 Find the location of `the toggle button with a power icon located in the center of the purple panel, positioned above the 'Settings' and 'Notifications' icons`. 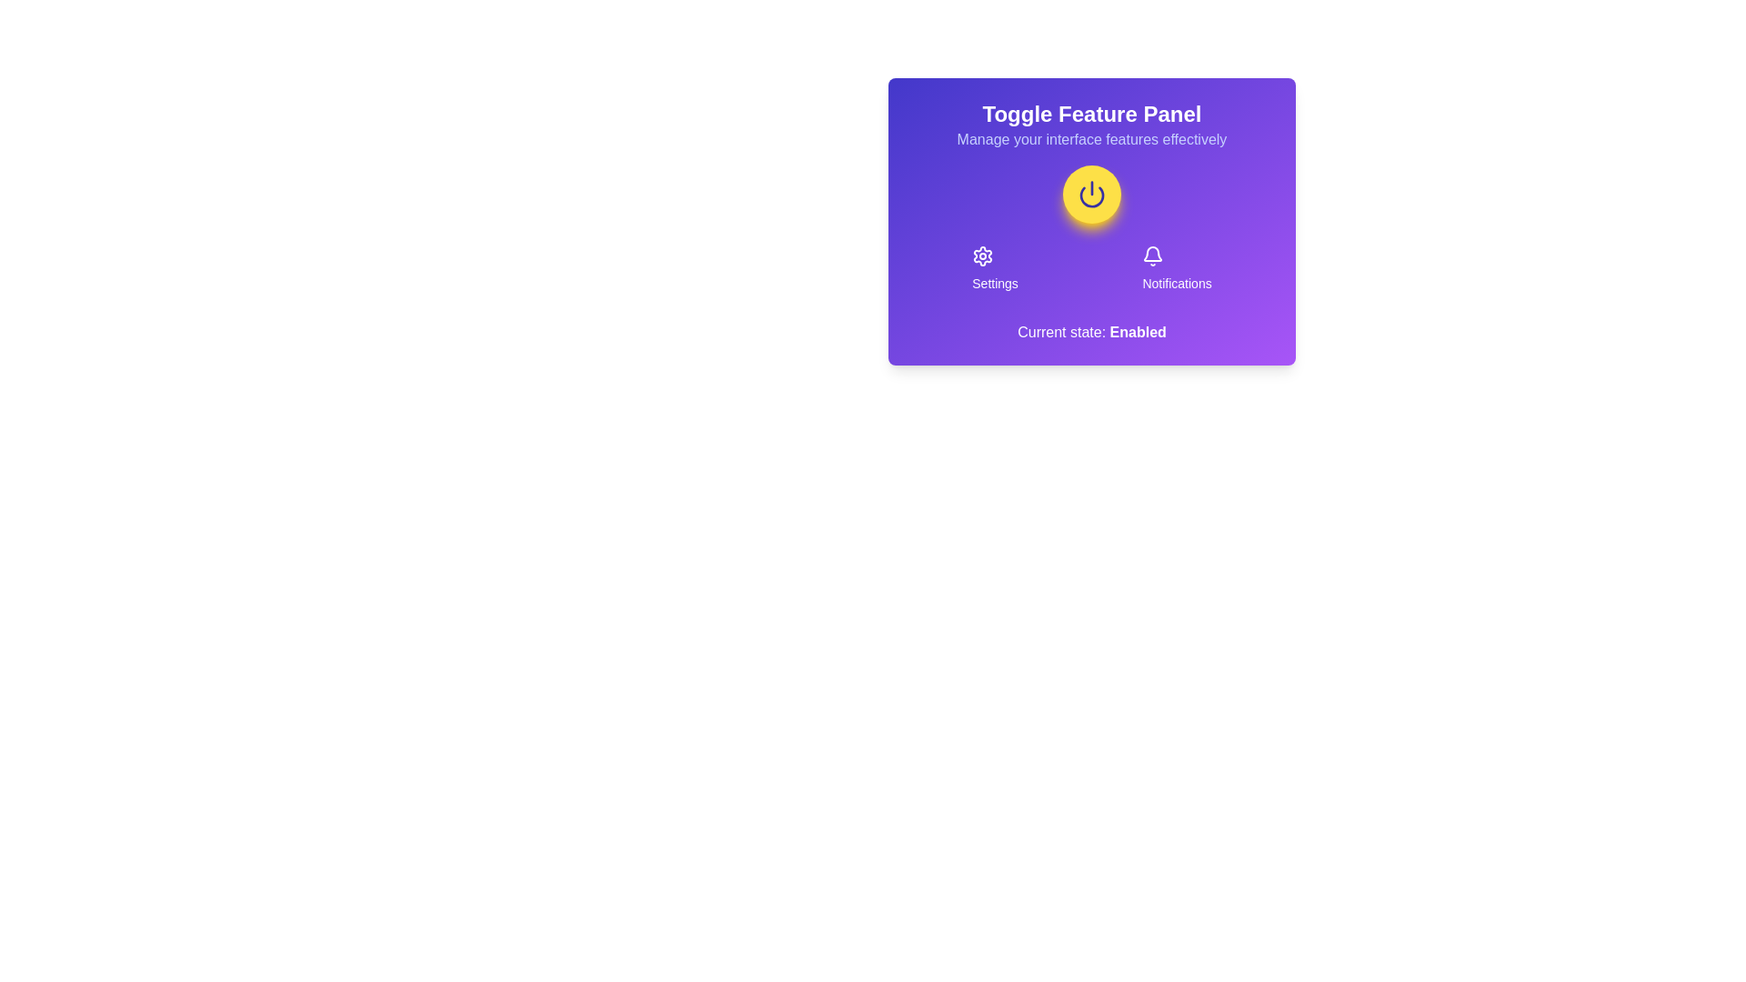

the toggle button with a power icon located in the center of the purple panel, positioned above the 'Settings' and 'Notifications' icons is located at coordinates (1091, 194).